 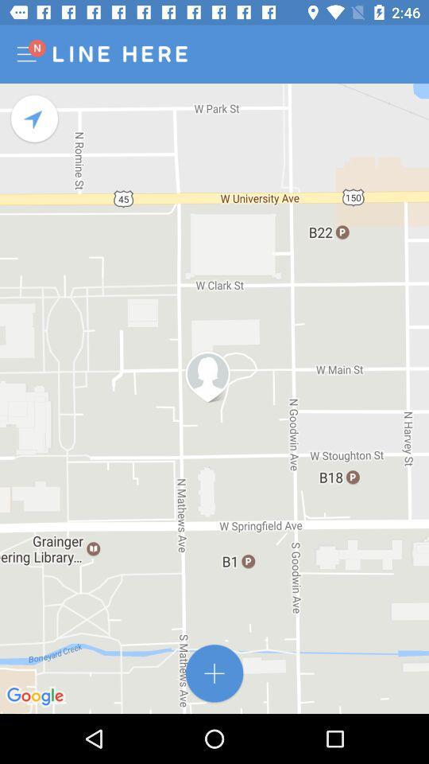 What do you see at coordinates (35, 118) in the screenshot?
I see `recenter map` at bounding box center [35, 118].